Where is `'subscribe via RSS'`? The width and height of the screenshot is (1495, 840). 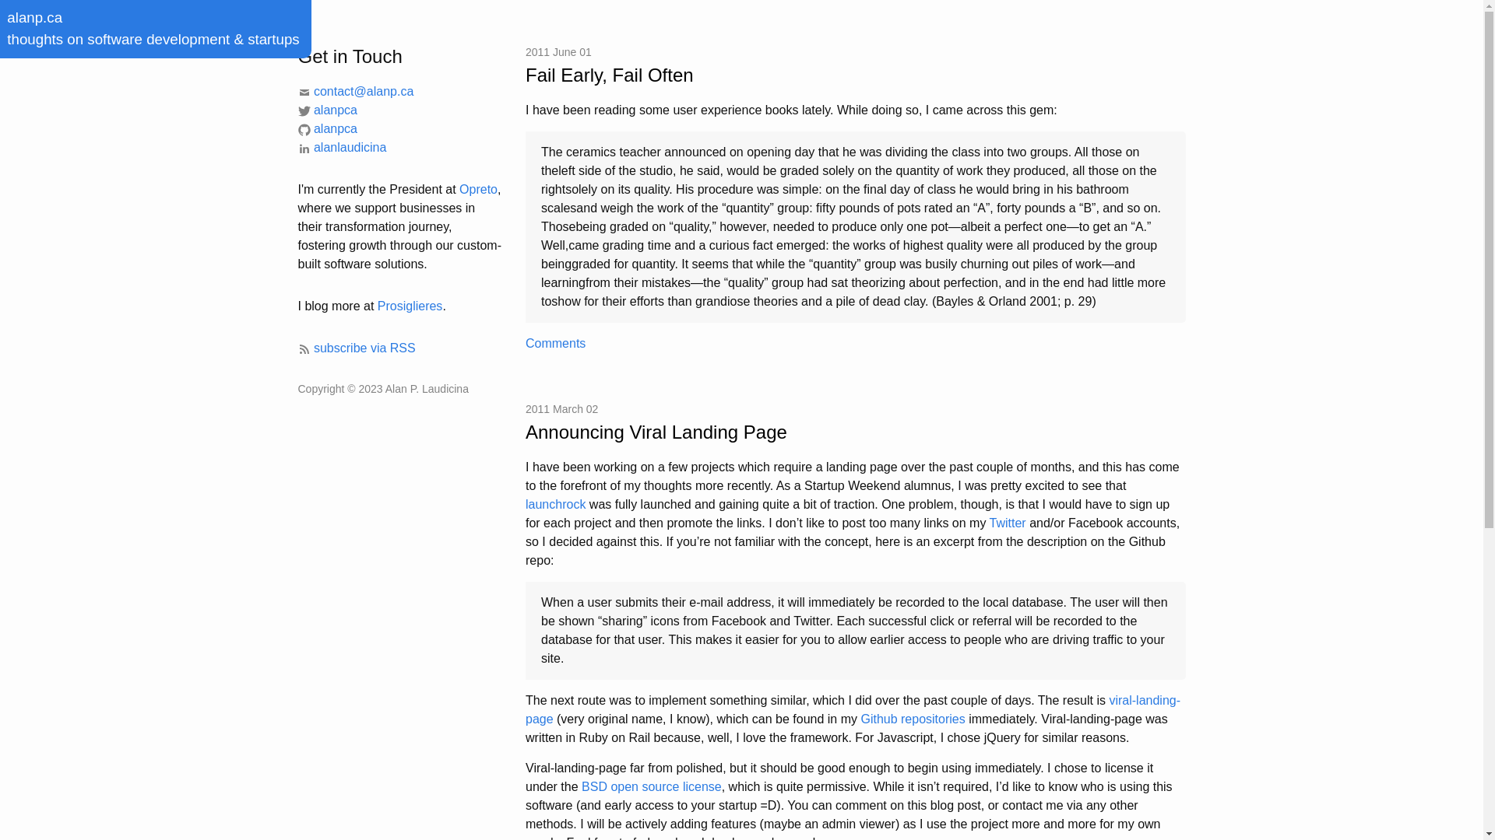
'subscribe via RSS' is located at coordinates (355, 347).